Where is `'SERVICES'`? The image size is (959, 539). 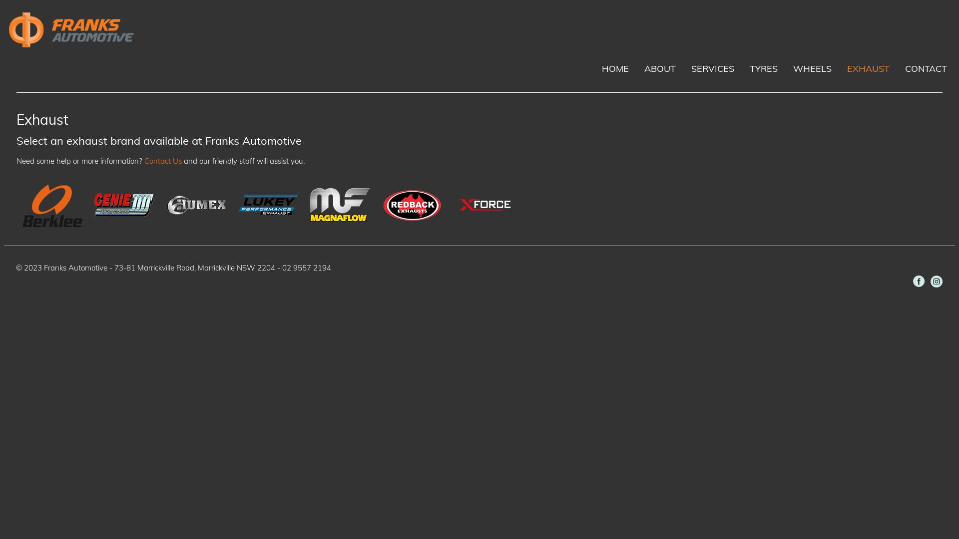 'SERVICES' is located at coordinates (712, 68).